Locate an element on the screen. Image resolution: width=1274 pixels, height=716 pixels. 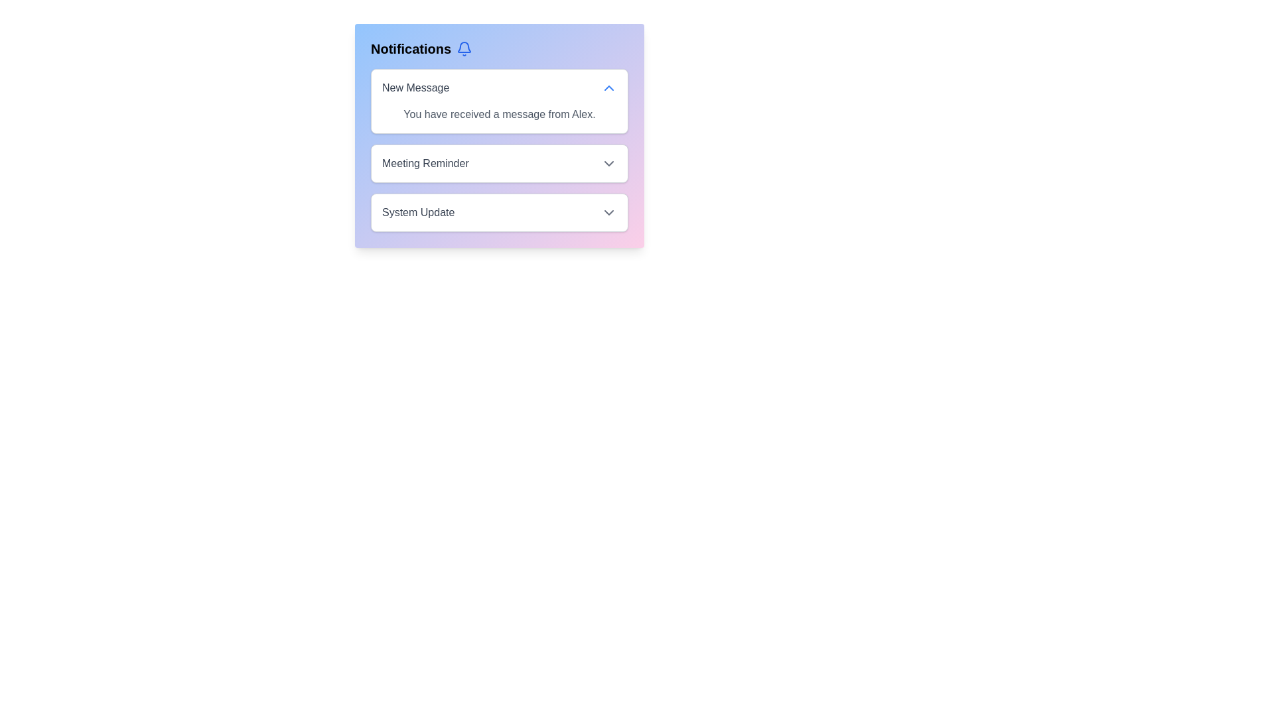
'Meeting Reminder' text label located within the notification card, positioned below 'New Message' and above 'System Update' is located at coordinates (425, 162).